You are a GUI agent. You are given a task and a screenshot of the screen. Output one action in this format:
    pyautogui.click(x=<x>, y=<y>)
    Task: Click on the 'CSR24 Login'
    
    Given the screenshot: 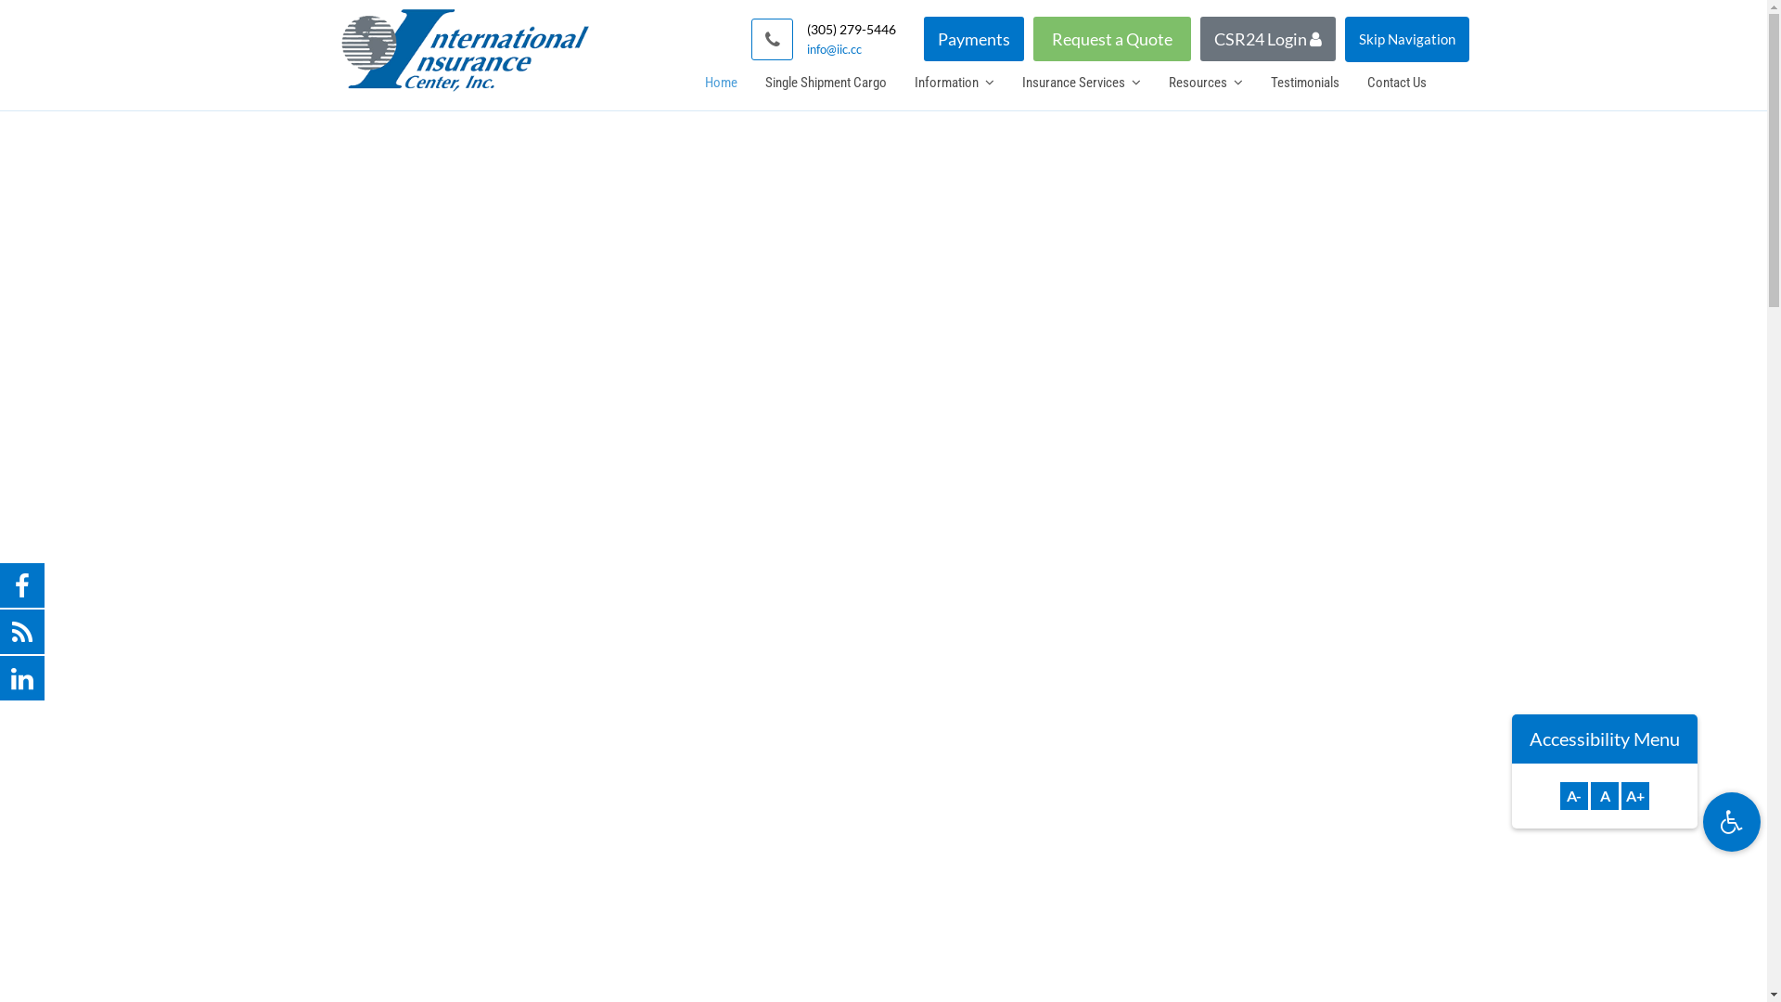 What is the action you would take?
    pyautogui.click(x=1267, y=39)
    